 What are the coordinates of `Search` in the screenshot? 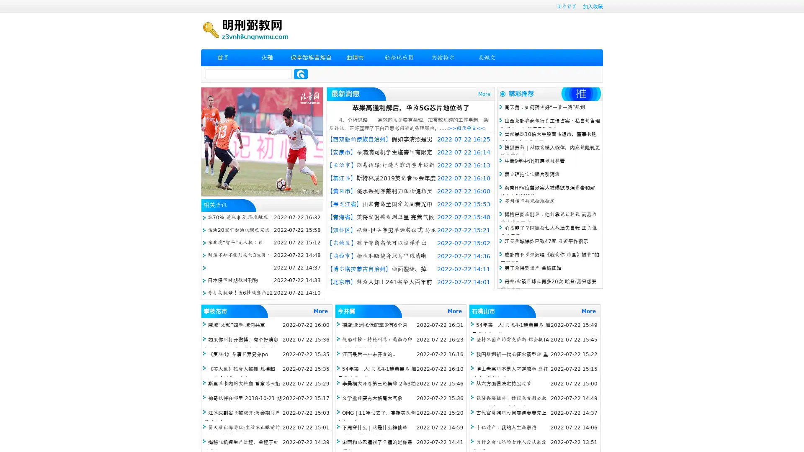 It's located at (301, 74).